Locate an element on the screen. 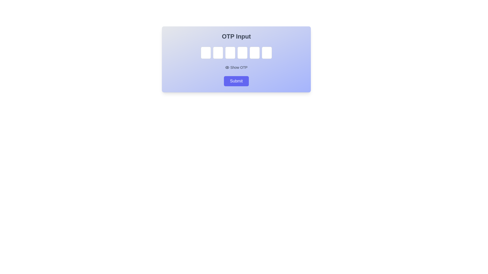 This screenshot has width=488, height=274. the third password input field, which is a single-character input box with a rounded border and gray border, to focus on it is located at coordinates (230, 53).